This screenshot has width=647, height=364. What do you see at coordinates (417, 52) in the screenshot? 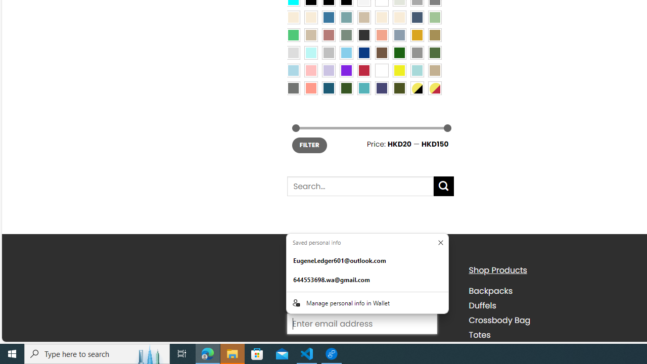
I see `'Gray'` at bounding box center [417, 52].